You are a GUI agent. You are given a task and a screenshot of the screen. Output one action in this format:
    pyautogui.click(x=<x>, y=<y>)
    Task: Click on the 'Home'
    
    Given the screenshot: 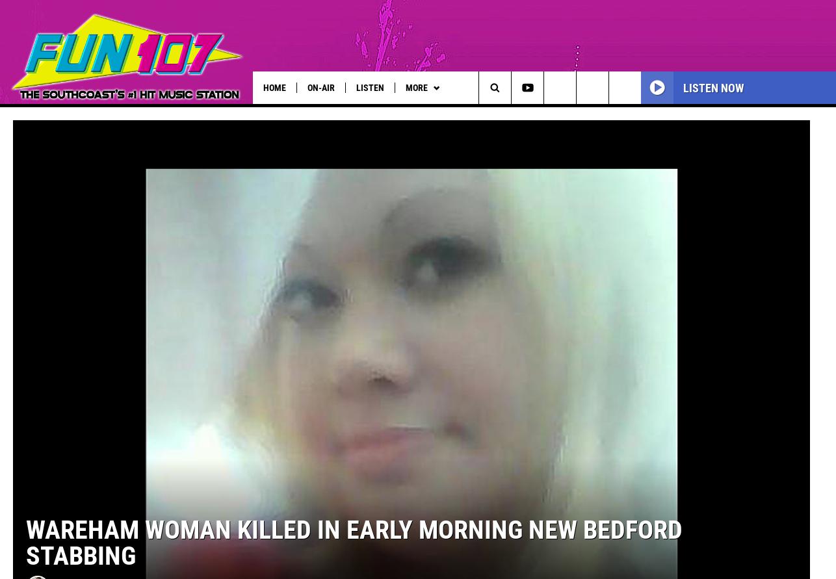 What is the action you would take?
    pyautogui.click(x=273, y=86)
    